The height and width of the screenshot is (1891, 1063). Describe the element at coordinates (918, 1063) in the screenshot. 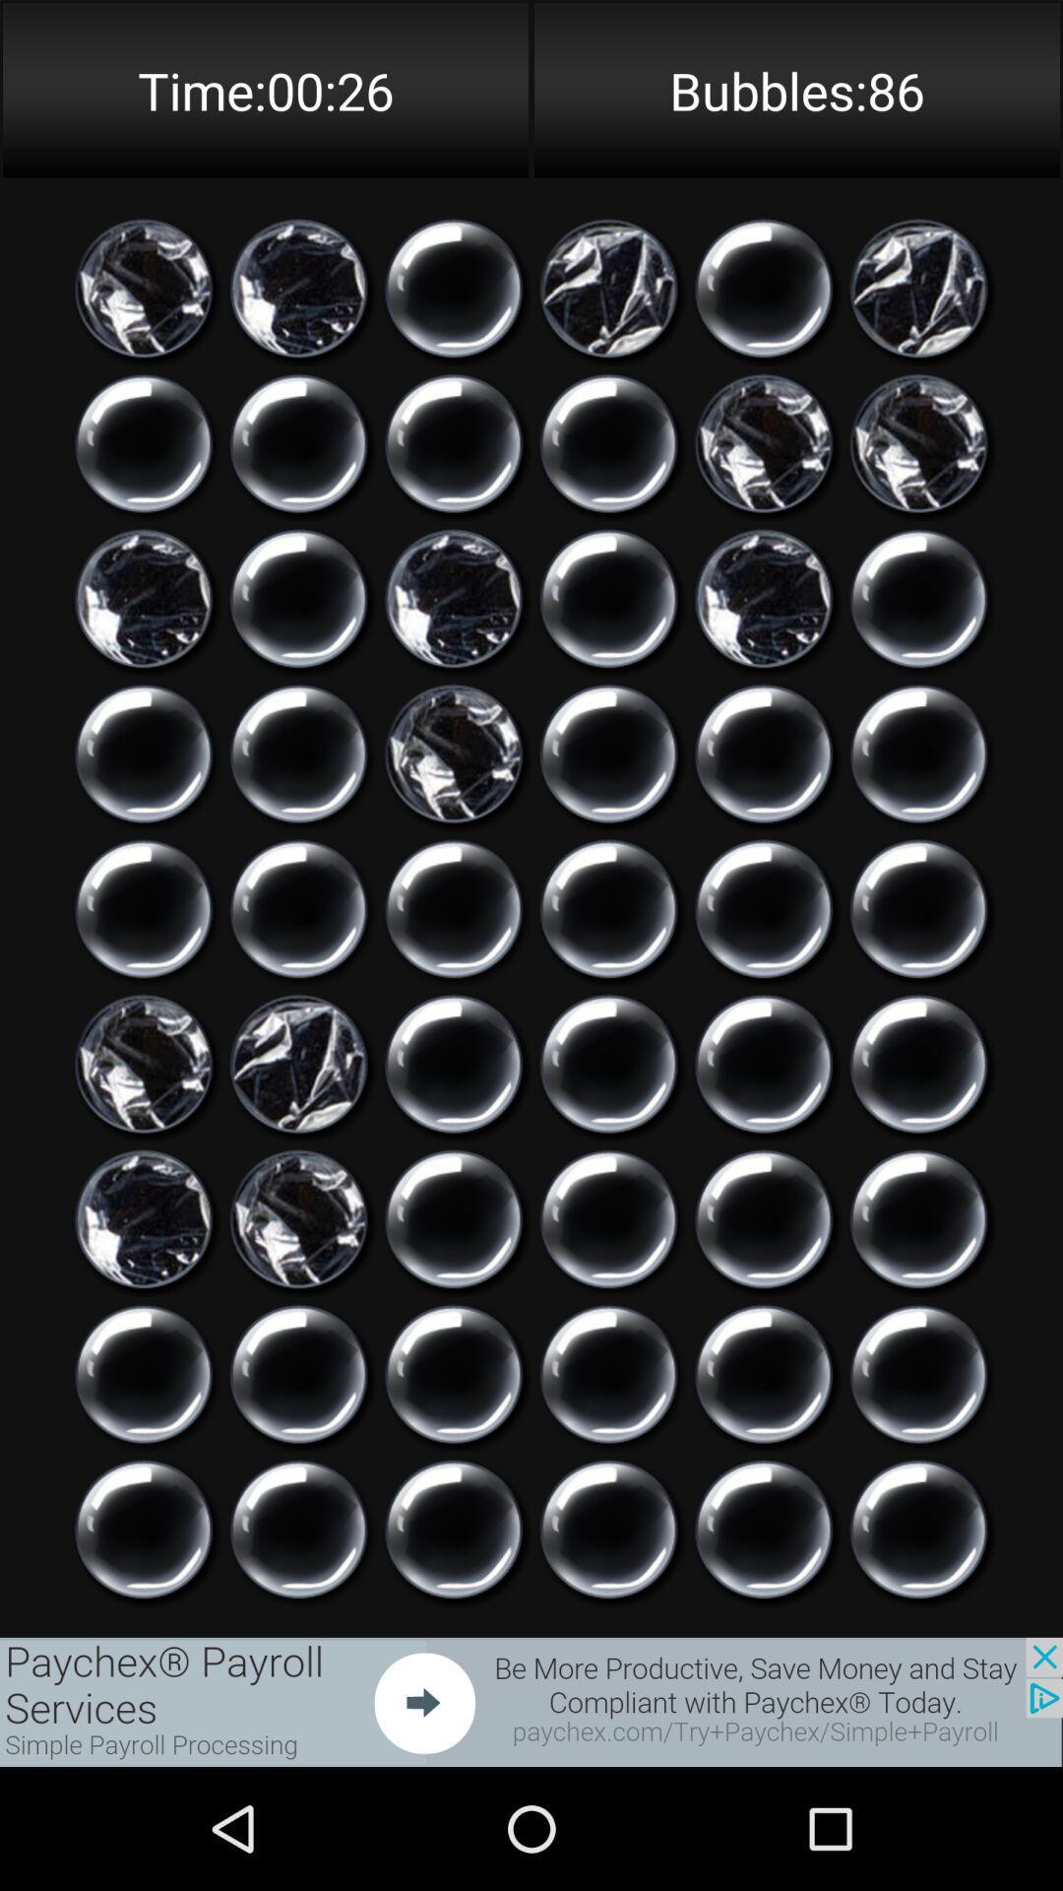

I see `burst bubbles` at that location.